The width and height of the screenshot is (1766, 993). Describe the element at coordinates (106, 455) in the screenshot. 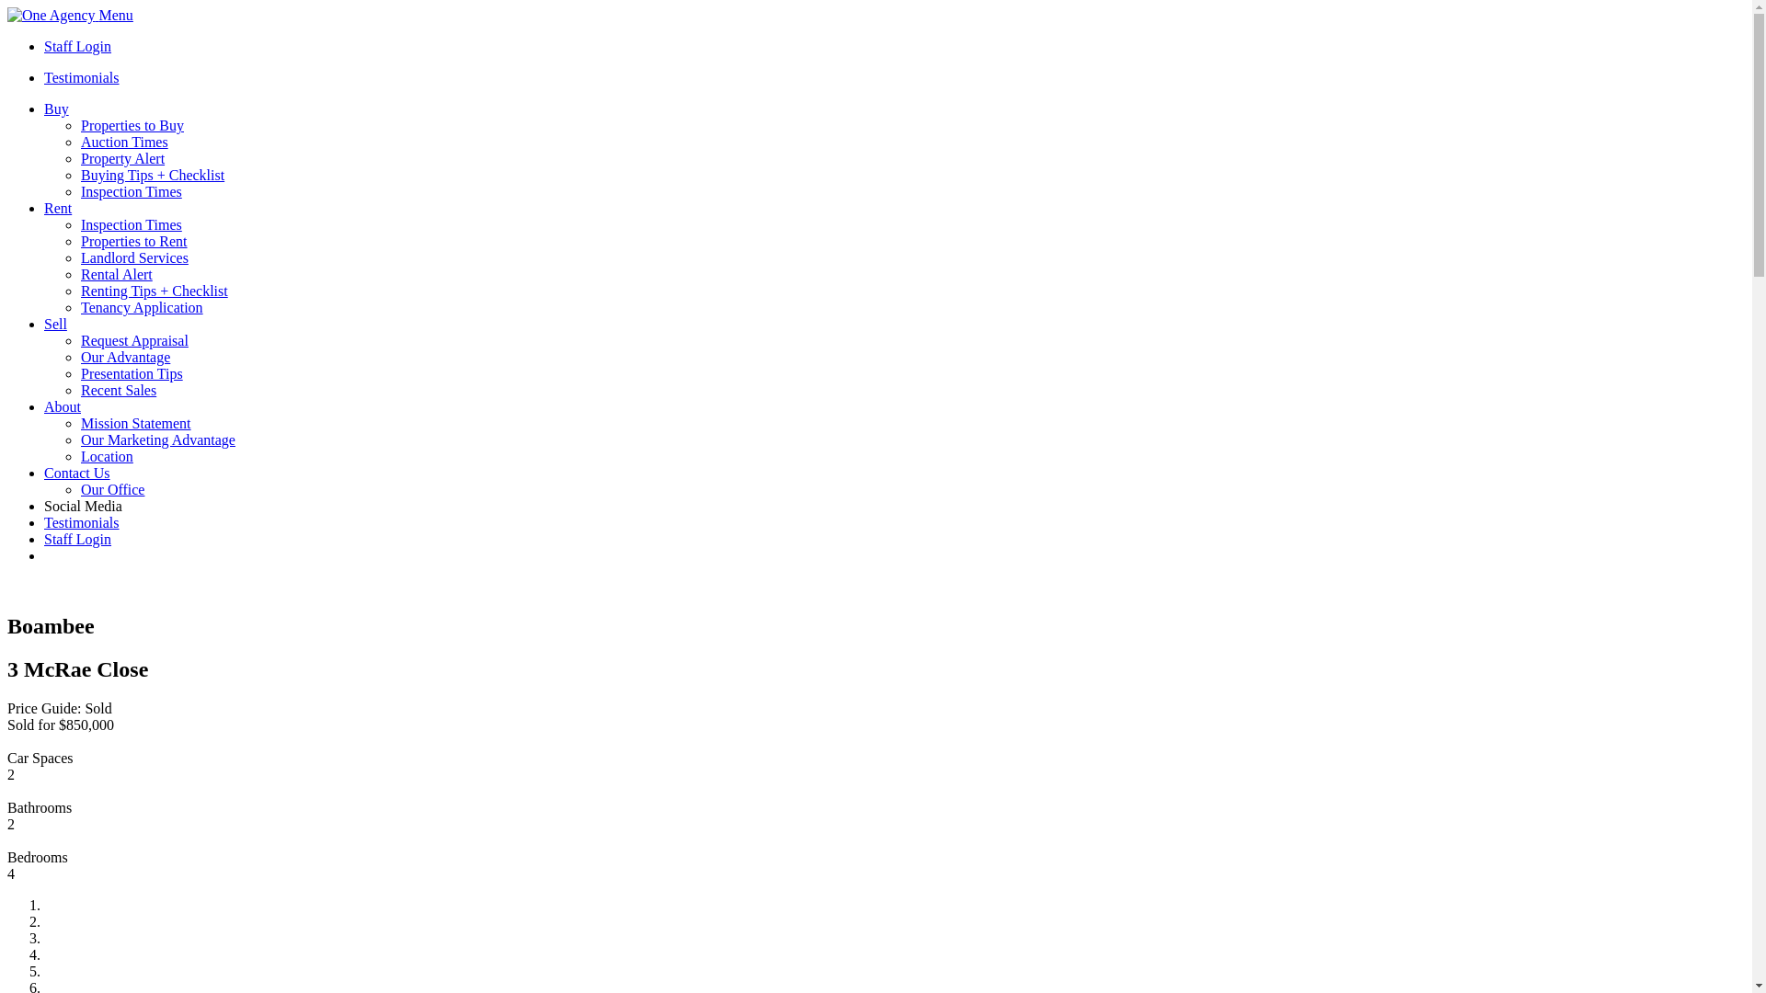

I see `'Location'` at that location.